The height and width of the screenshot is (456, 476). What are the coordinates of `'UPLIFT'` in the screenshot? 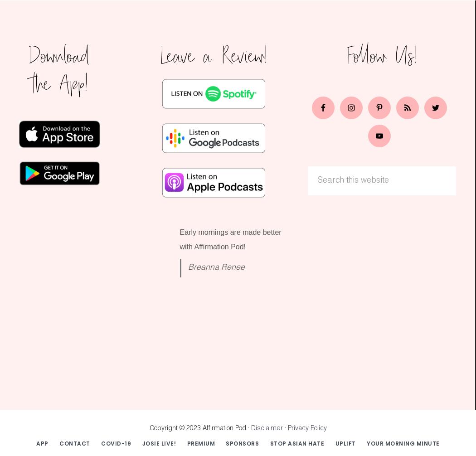 It's located at (345, 442).